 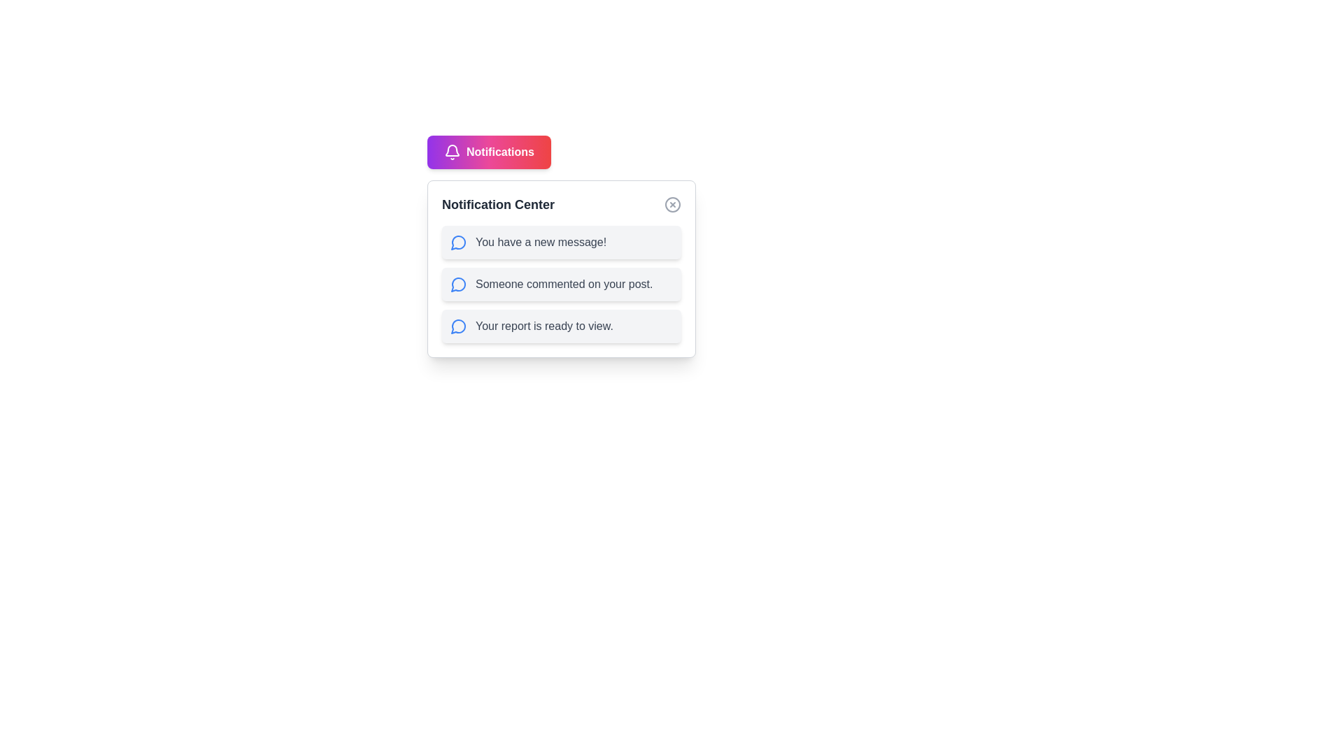 What do you see at coordinates (540, 242) in the screenshot?
I see `the text label that indicates a new message notification, which is located to the right of the blue message icon in the dropdown` at bounding box center [540, 242].